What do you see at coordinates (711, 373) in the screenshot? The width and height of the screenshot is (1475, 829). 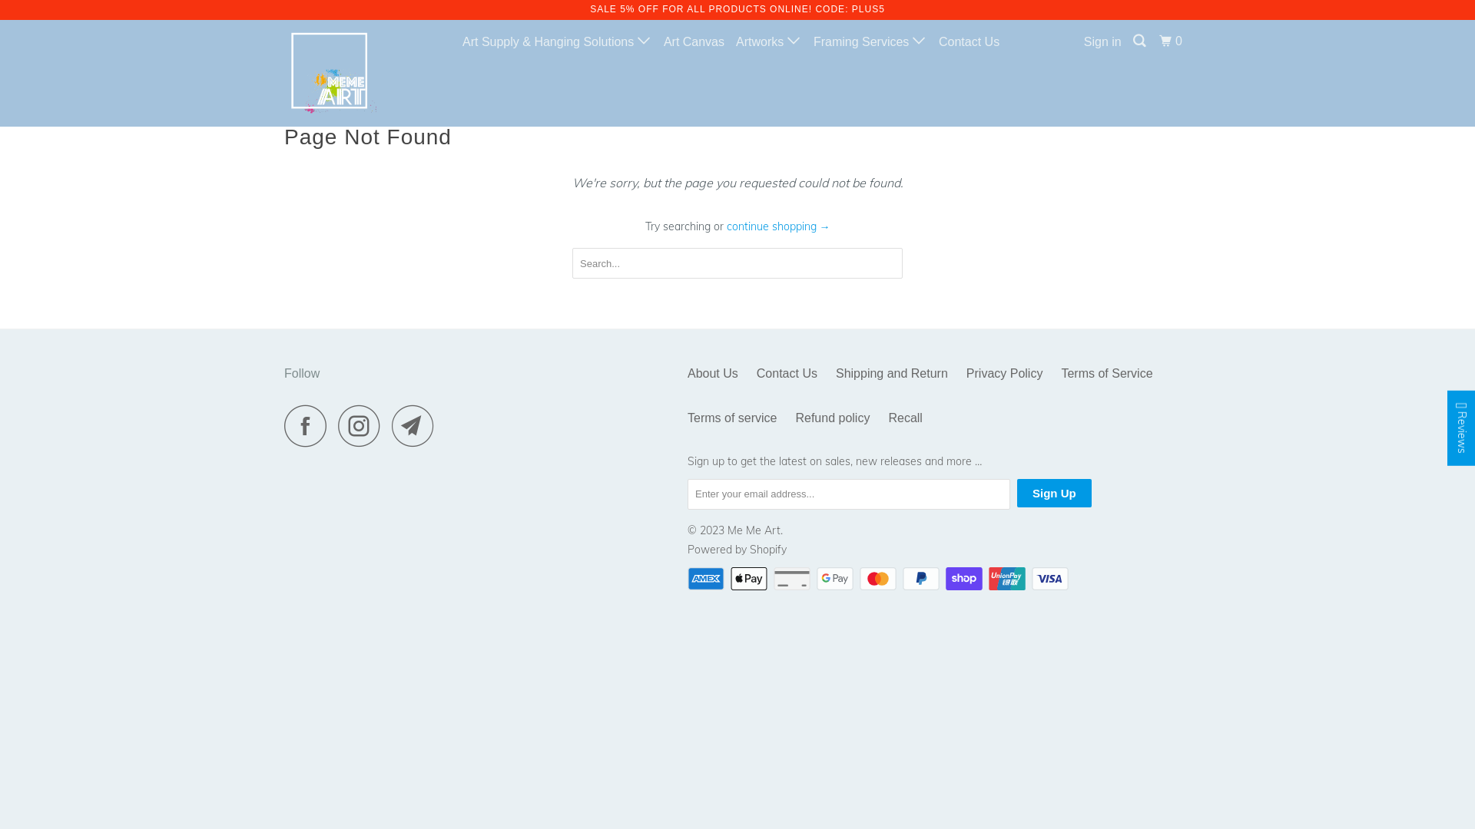 I see `'About Us'` at bounding box center [711, 373].